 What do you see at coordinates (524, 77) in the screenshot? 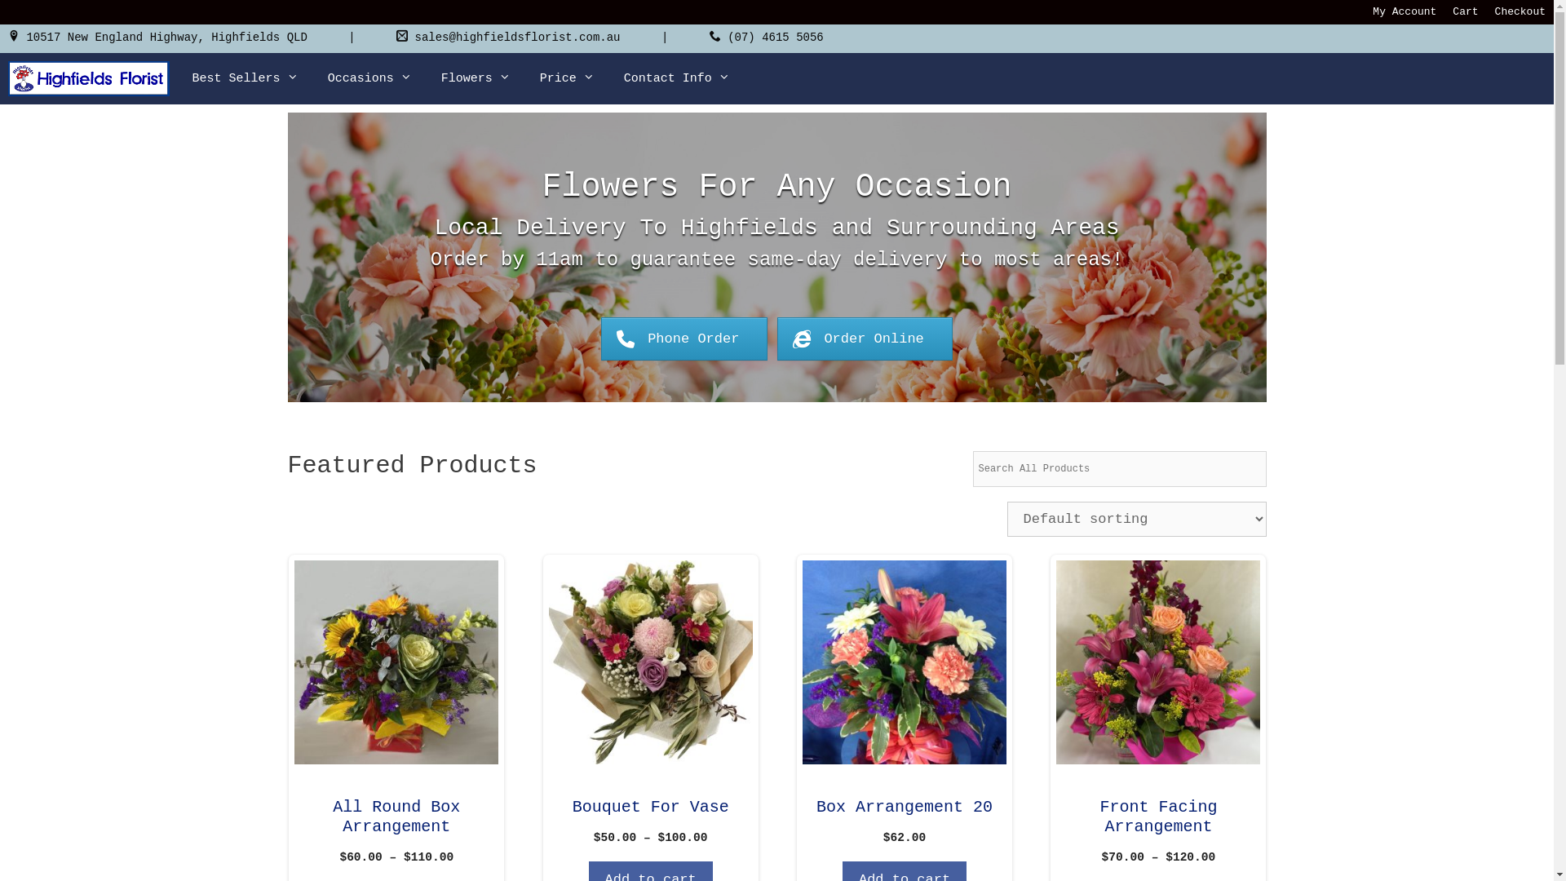
I see `'Price'` at bounding box center [524, 77].